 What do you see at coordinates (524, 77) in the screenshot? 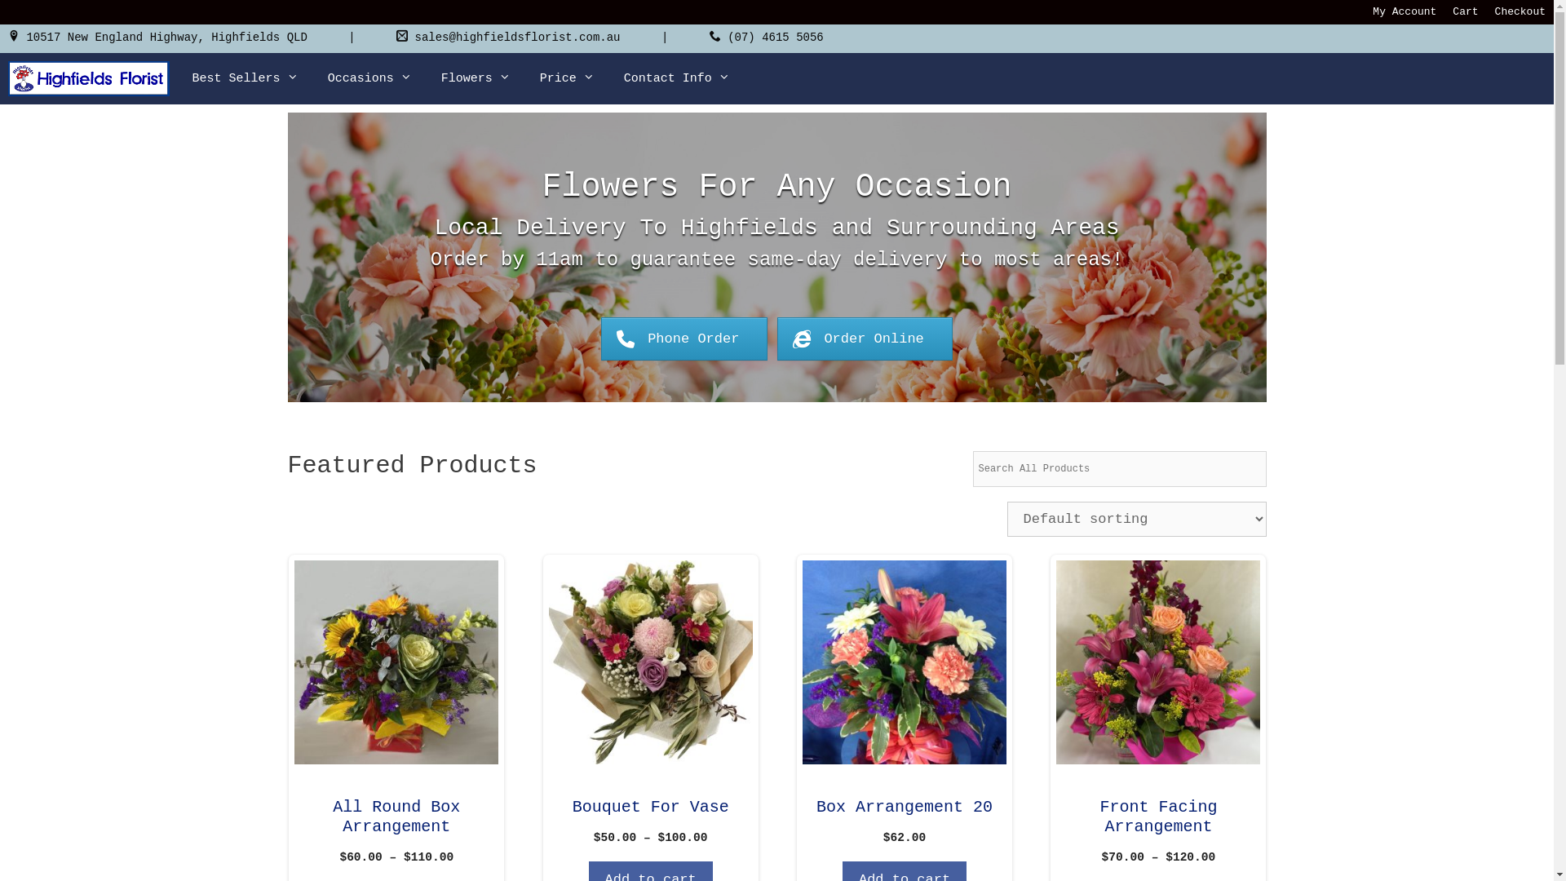
I see `'Price'` at bounding box center [524, 77].